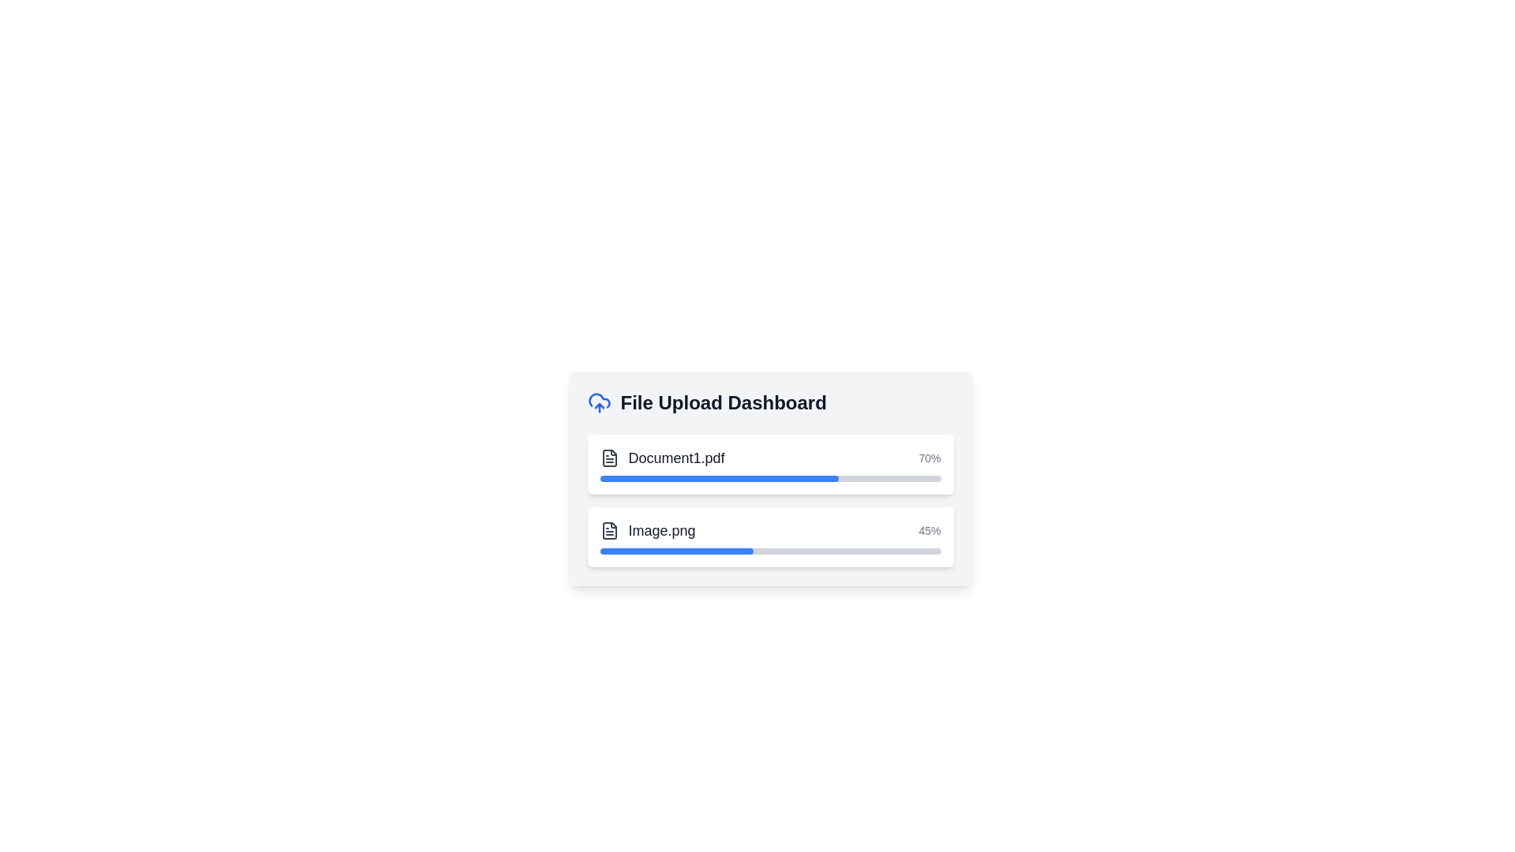 This screenshot has height=852, width=1515. I want to click on text content of the Text Label that displays the name of the file currently being uploaded, located in the file upload dashboard UI, beneath 'Document1.pdf', so click(662, 530).